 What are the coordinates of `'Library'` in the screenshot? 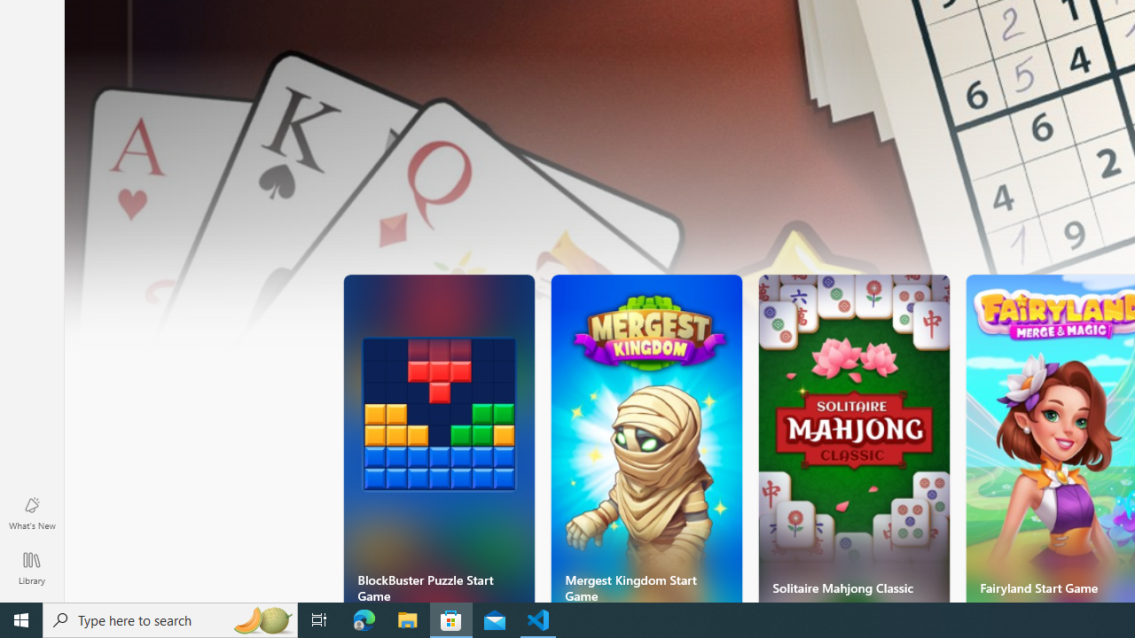 It's located at (31, 567).